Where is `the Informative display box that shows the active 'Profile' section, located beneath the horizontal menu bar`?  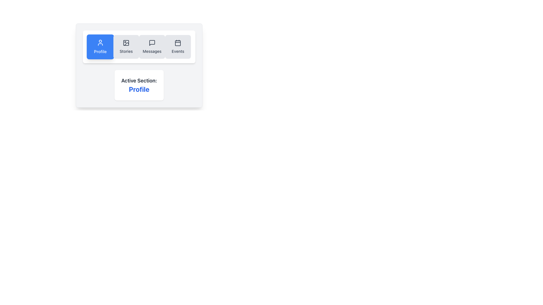
the Informative display box that shows the active 'Profile' section, located beneath the horizontal menu bar is located at coordinates (139, 85).